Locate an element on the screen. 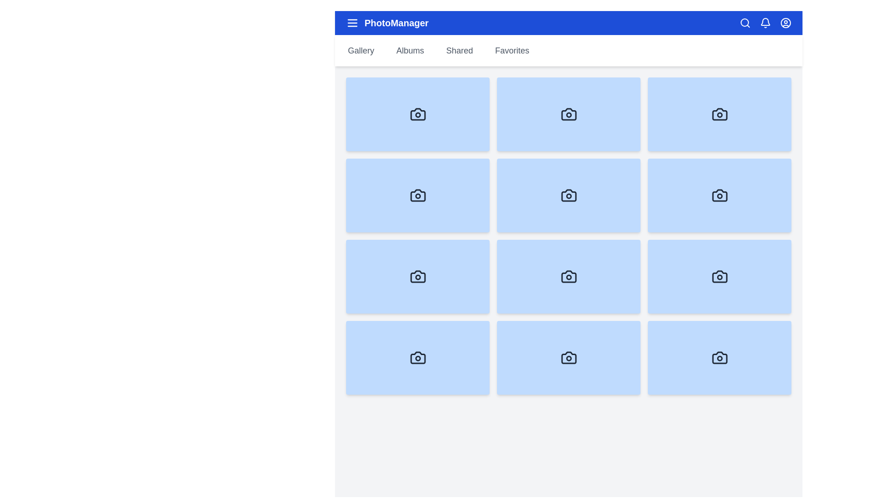 The width and height of the screenshot is (886, 498). menu button to toggle the main menu visibility is located at coordinates (352, 23).